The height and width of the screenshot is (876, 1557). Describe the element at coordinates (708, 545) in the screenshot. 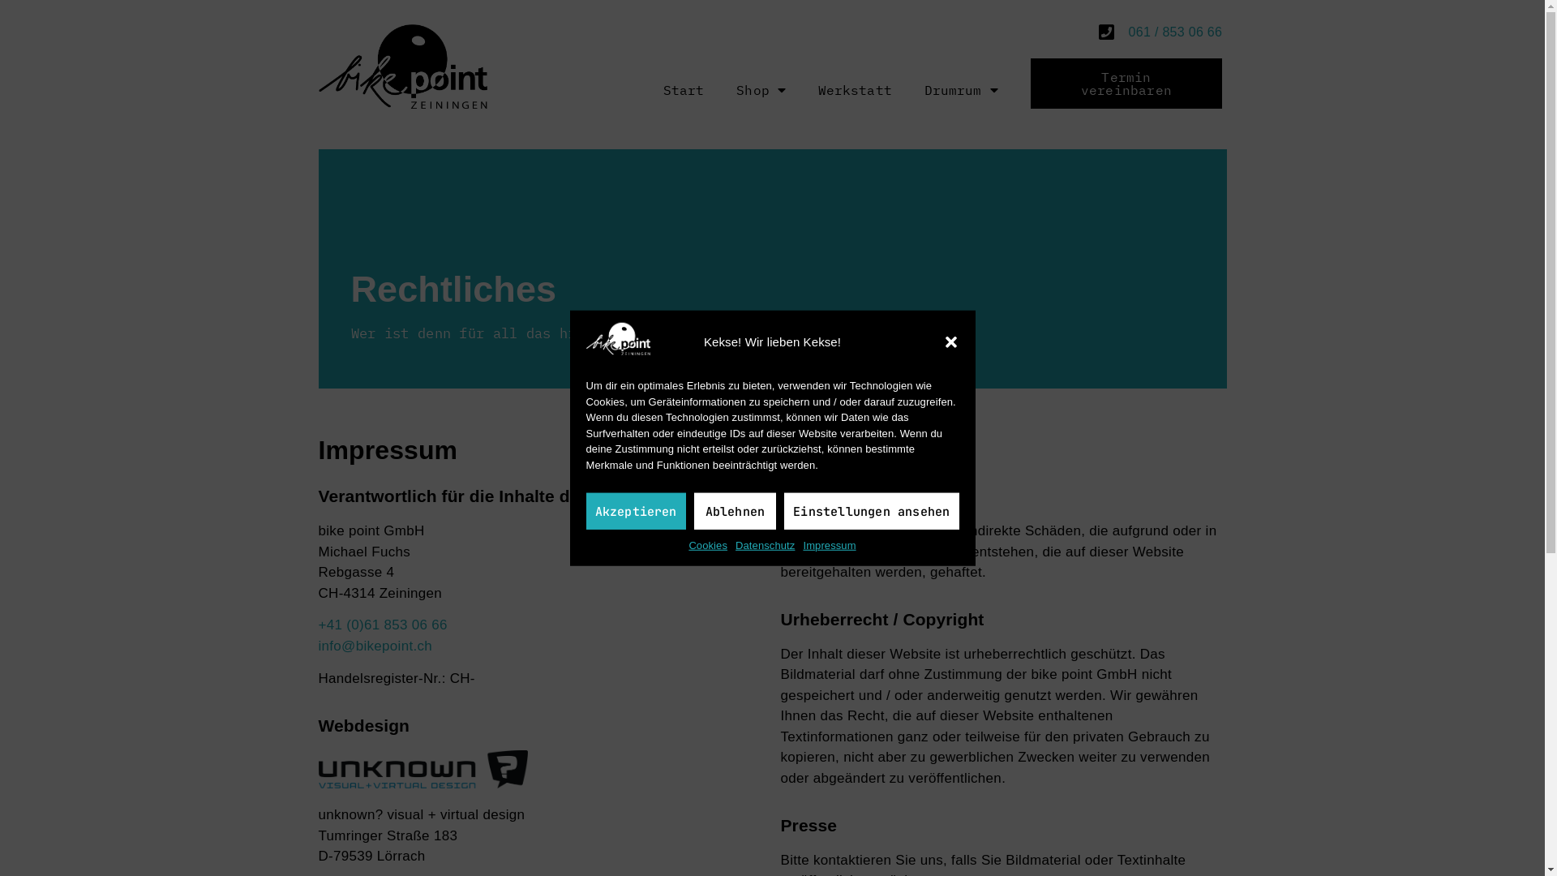

I see `'Cookies'` at that location.